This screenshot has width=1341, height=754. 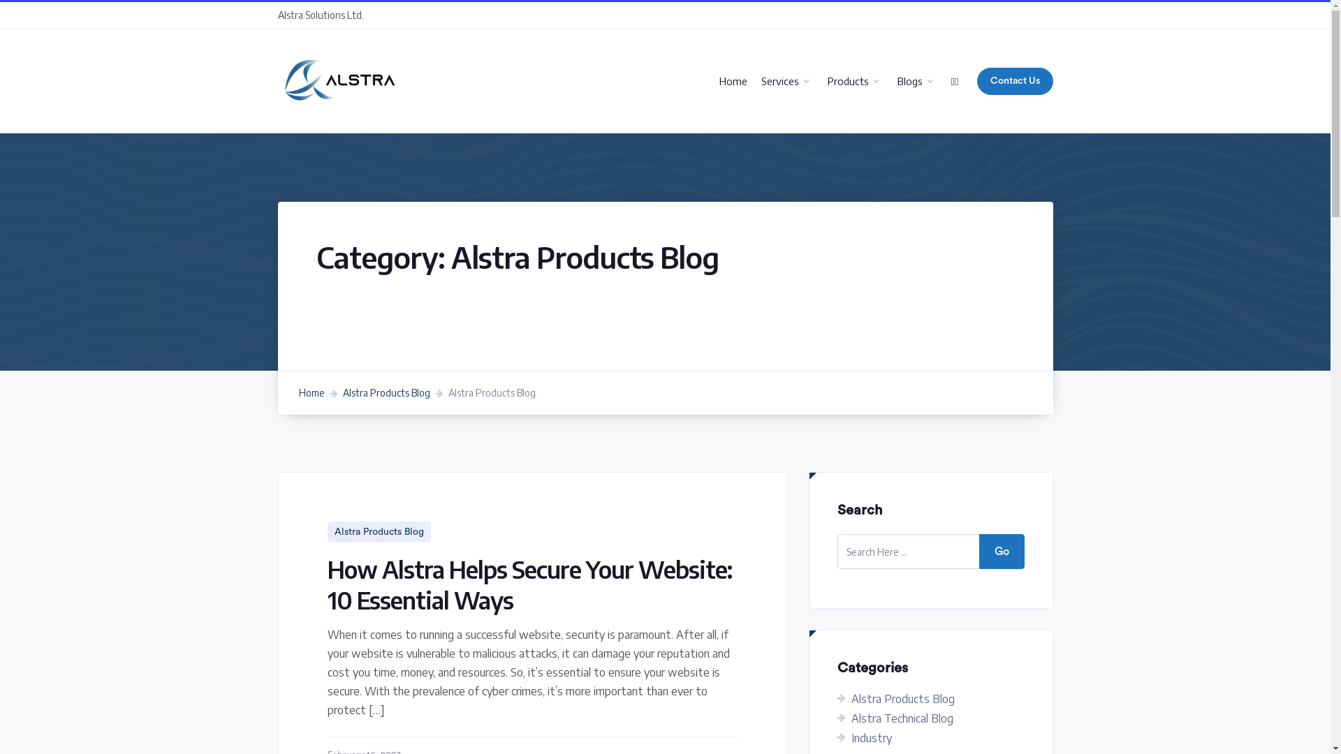 I want to click on 'Products', so click(x=854, y=81).